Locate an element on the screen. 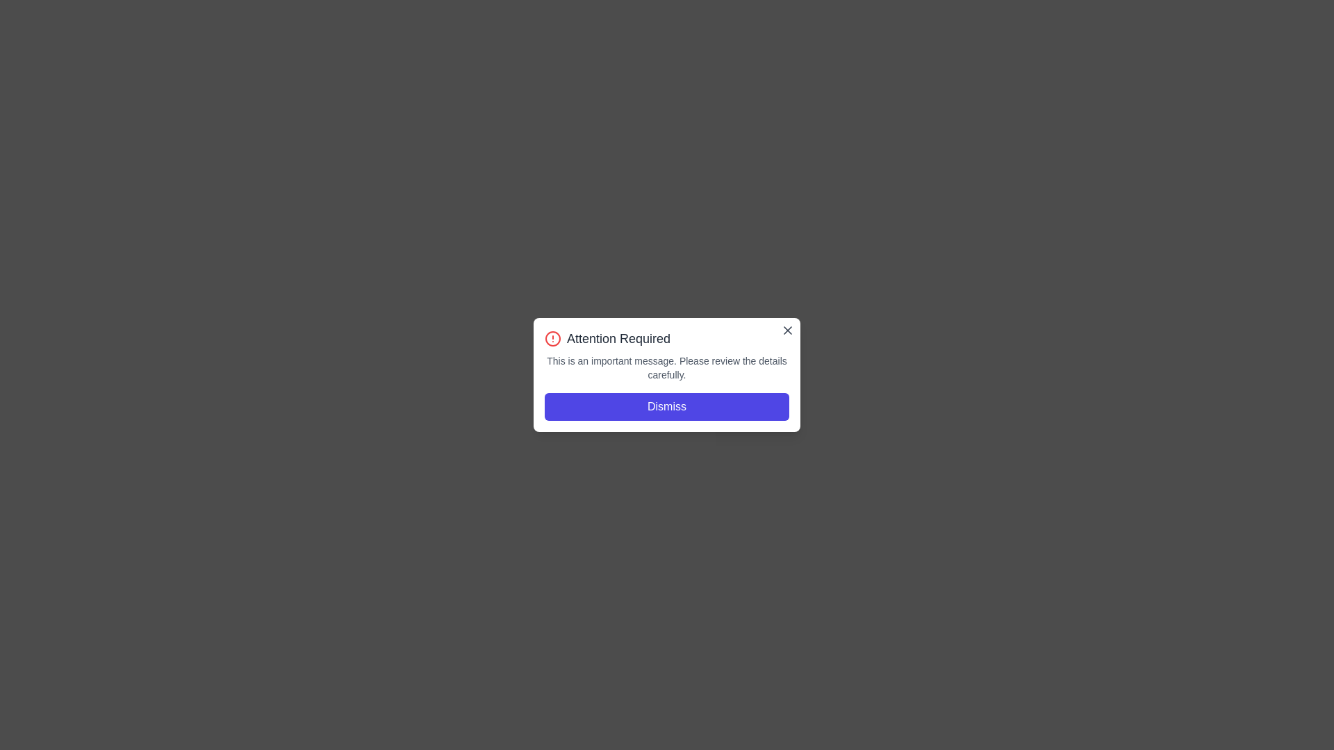 Image resolution: width=1334 pixels, height=750 pixels. the close button located in the top-right corner of the modal dialog, adjacent to the heading 'Attention Required' is located at coordinates (787, 330).